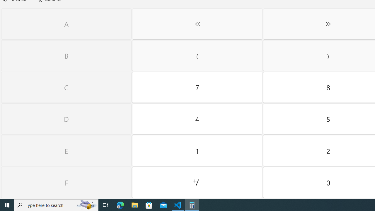  I want to click on 'Microsoft Edge', so click(120, 205).